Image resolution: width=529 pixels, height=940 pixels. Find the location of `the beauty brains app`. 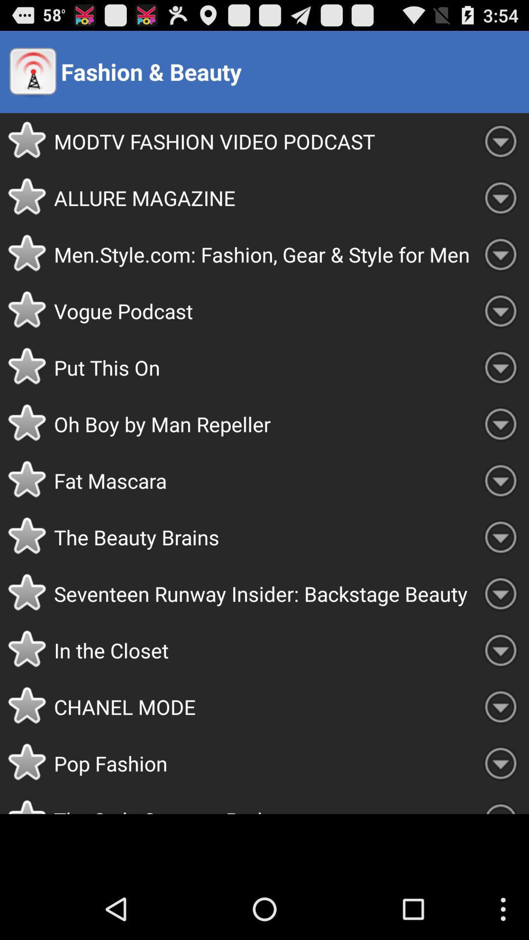

the beauty brains app is located at coordinates (263, 537).